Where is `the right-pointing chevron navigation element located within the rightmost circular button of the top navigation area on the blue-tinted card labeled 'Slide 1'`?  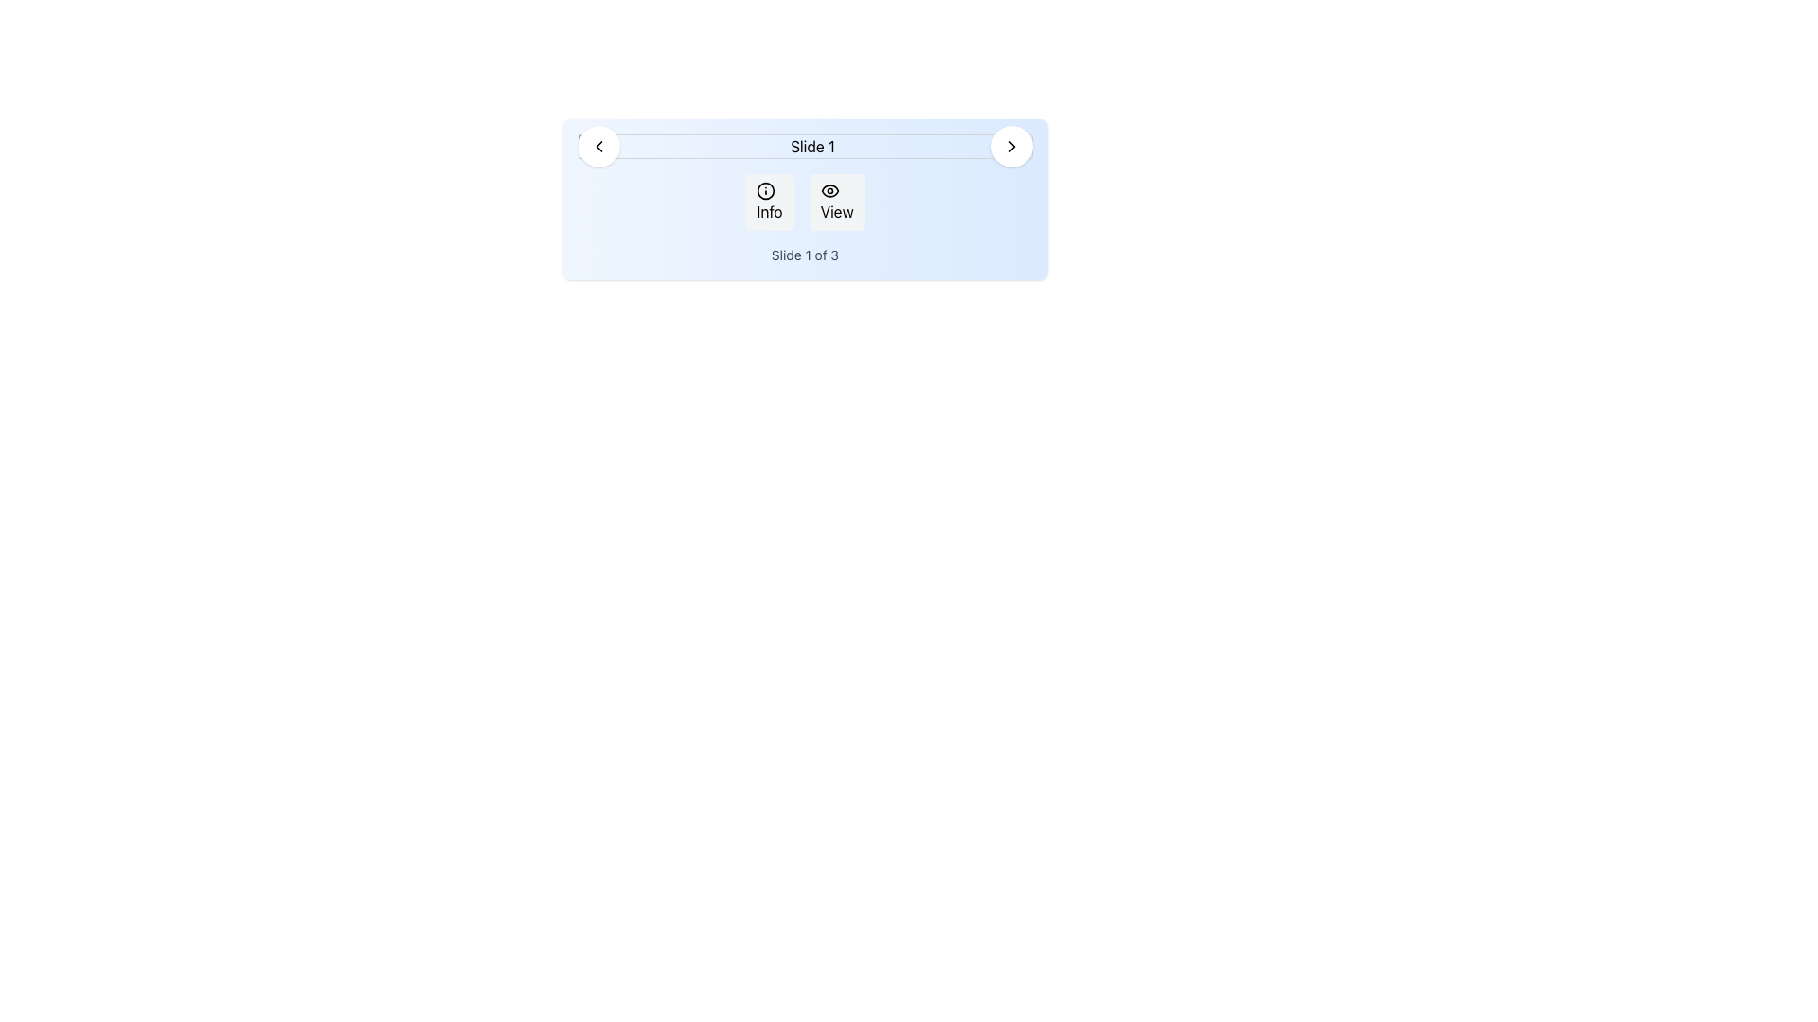
the right-pointing chevron navigation element located within the rightmost circular button of the top navigation area on the blue-tinted card labeled 'Slide 1' is located at coordinates (1010, 145).